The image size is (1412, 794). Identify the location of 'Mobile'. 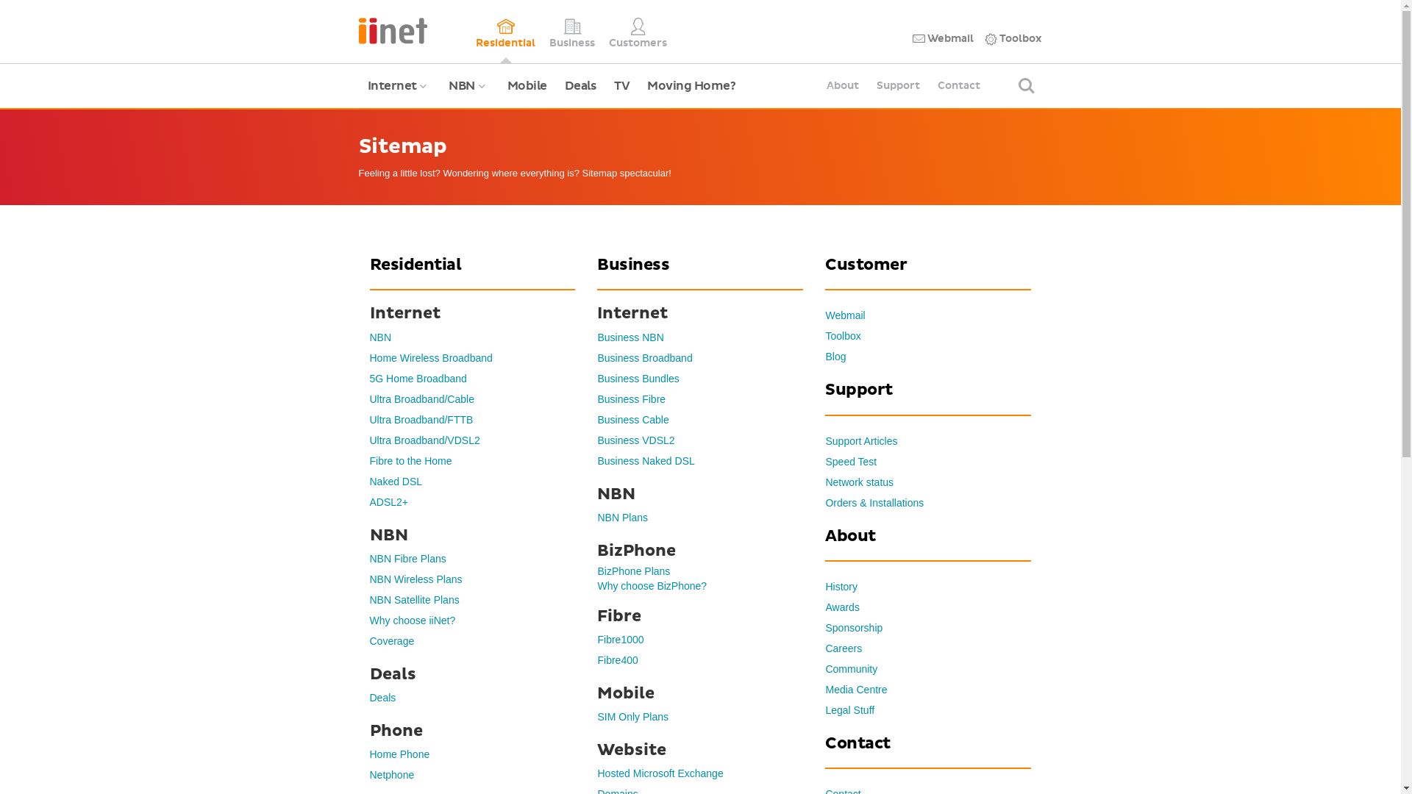
(527, 85).